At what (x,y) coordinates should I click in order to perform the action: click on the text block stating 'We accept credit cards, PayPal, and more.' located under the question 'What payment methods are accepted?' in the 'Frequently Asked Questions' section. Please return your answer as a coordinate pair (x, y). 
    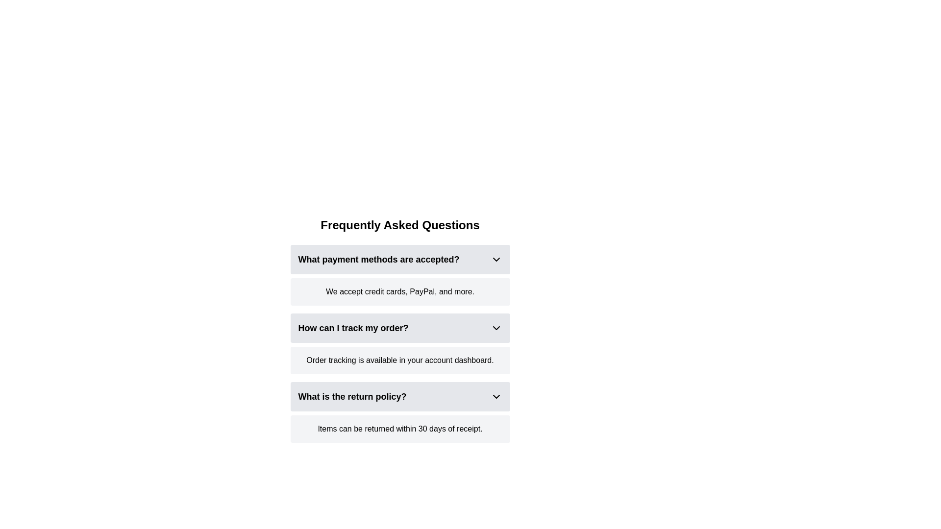
    Looking at the image, I should click on (400, 291).